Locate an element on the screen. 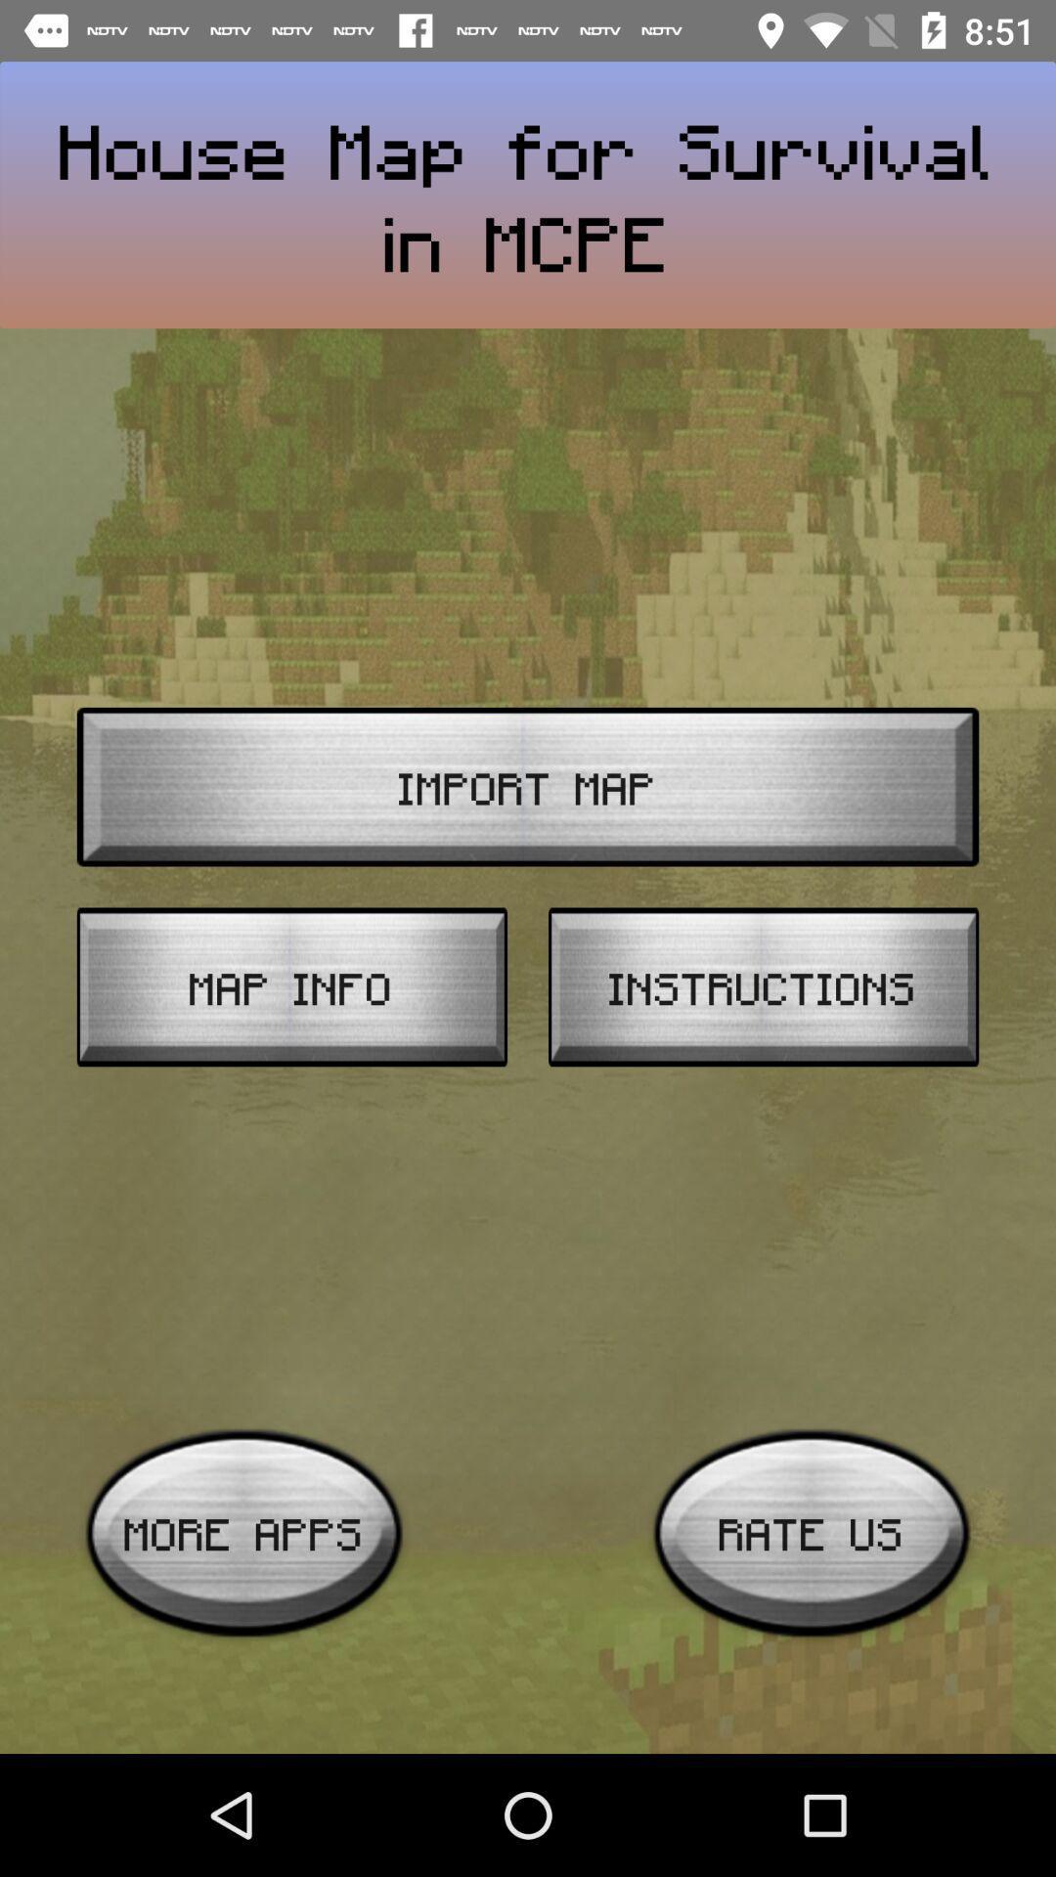 The width and height of the screenshot is (1056, 1877). the icon below the import map icon is located at coordinates (763, 986).